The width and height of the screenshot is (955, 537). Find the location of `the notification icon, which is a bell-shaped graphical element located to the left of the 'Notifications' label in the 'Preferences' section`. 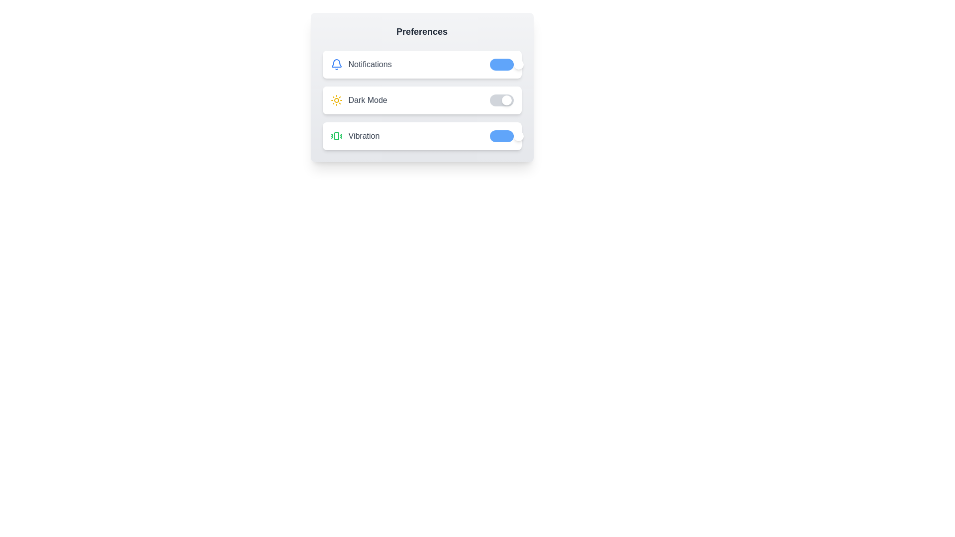

the notification icon, which is a bell-shaped graphical element located to the left of the 'Notifications' label in the 'Preferences' section is located at coordinates (336, 63).